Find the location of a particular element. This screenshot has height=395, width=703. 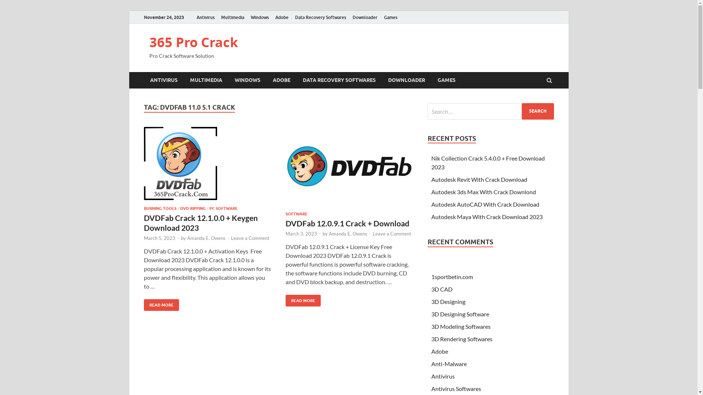

'Data Recovery Softwares' is located at coordinates (291, 17).